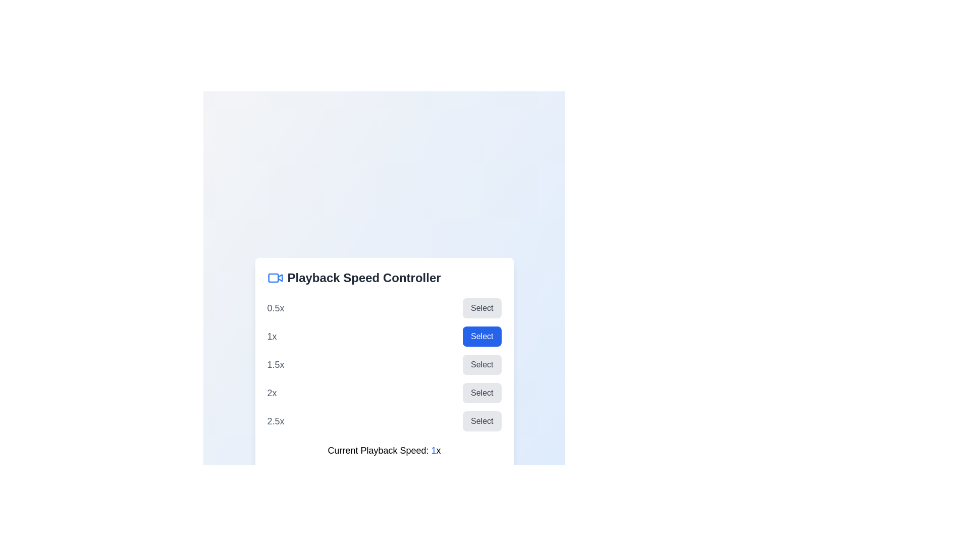 The height and width of the screenshot is (545, 969). Describe the element at coordinates (481, 307) in the screenshot. I see `the 'Select' button with a light gray background to set the playback speed` at that location.